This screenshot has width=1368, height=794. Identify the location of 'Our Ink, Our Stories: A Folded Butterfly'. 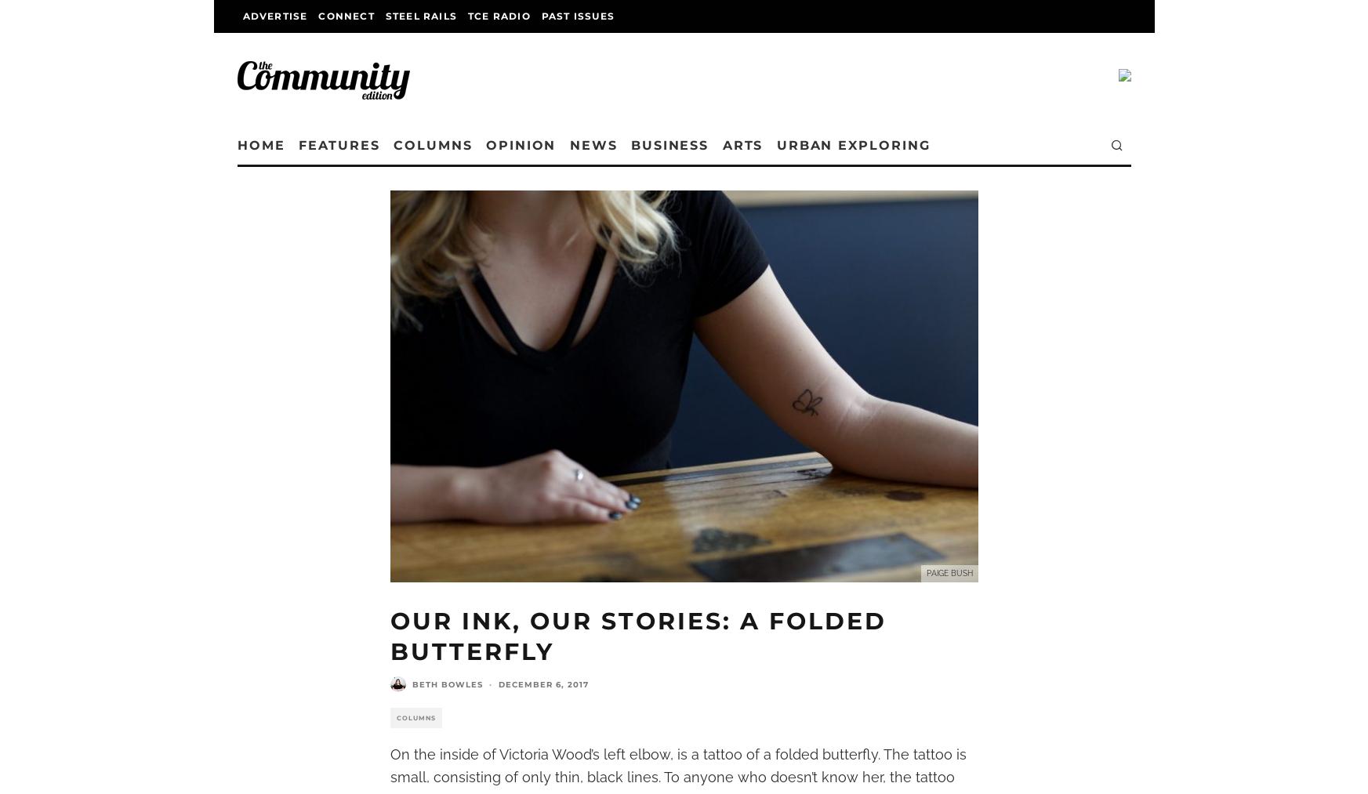
(637, 636).